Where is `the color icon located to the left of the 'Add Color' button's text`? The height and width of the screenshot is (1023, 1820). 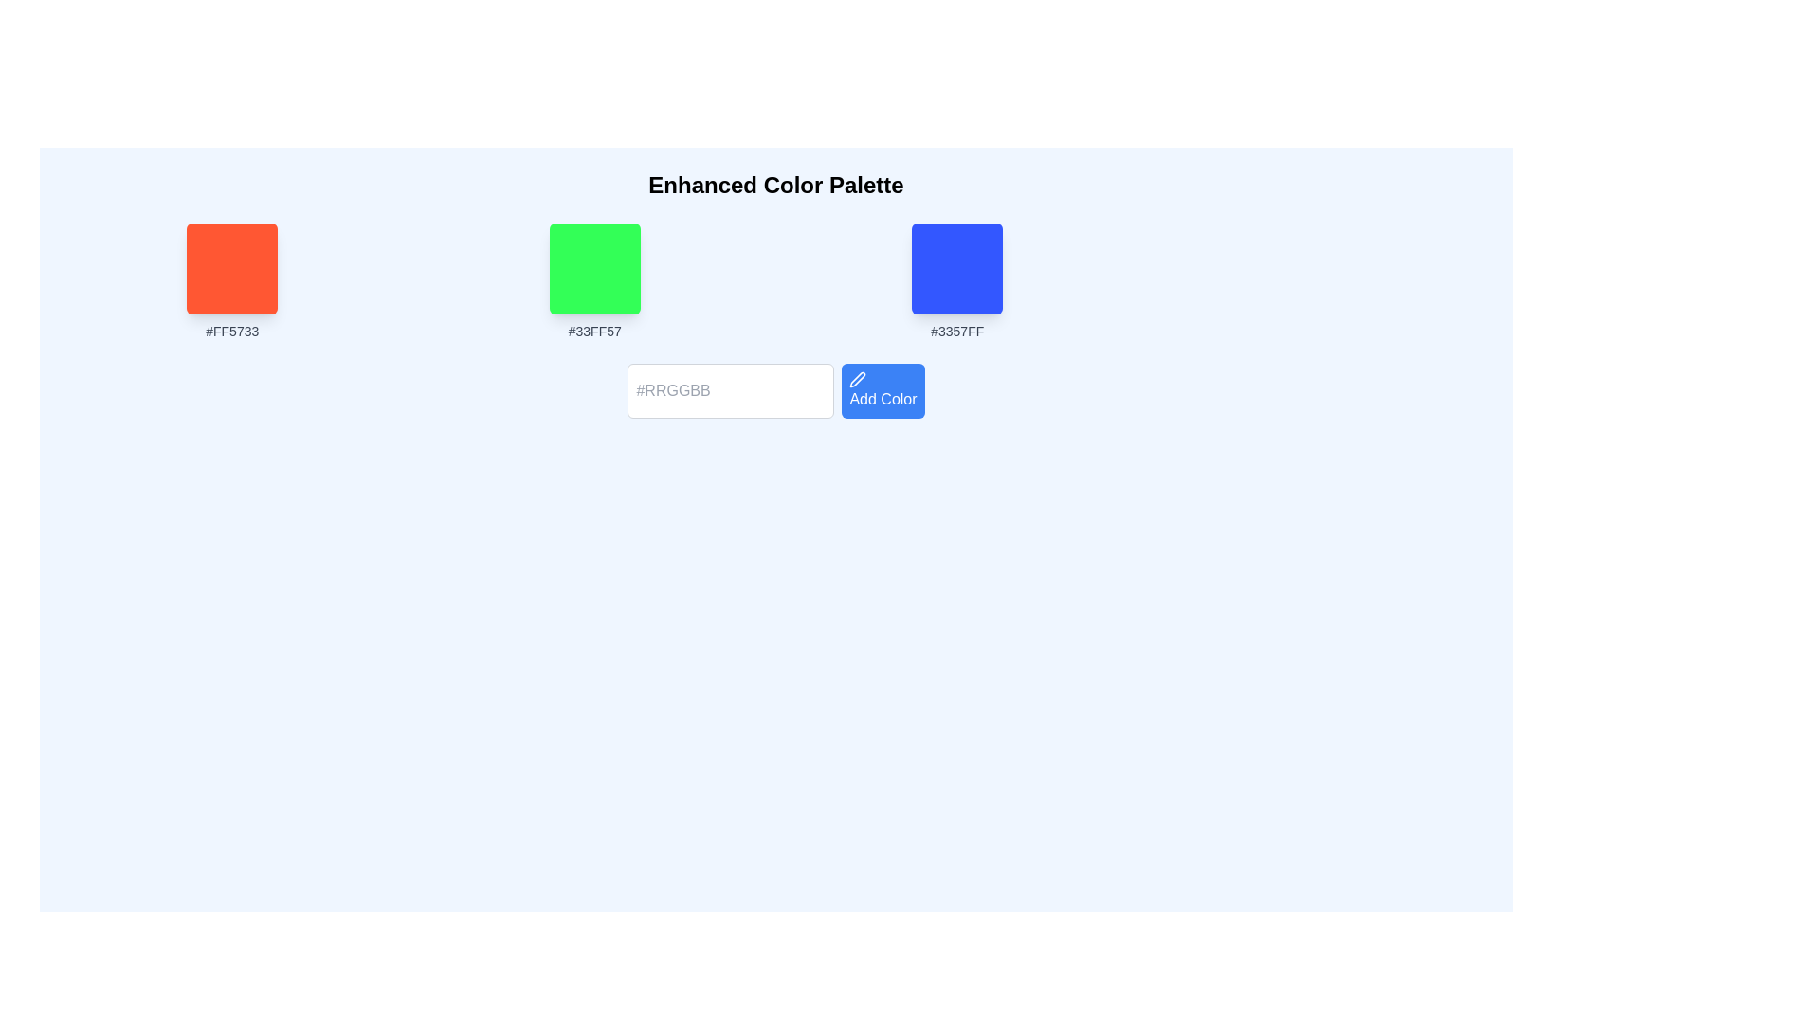
the color icon located to the left of the 'Add Color' button's text is located at coordinates (857, 380).